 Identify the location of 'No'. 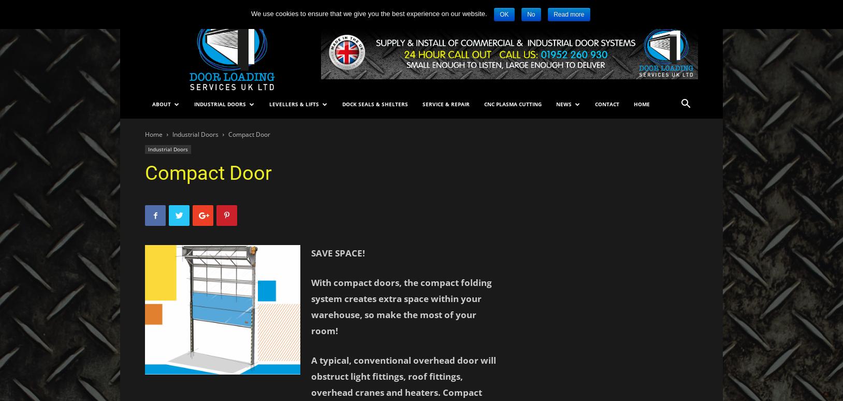
(531, 15).